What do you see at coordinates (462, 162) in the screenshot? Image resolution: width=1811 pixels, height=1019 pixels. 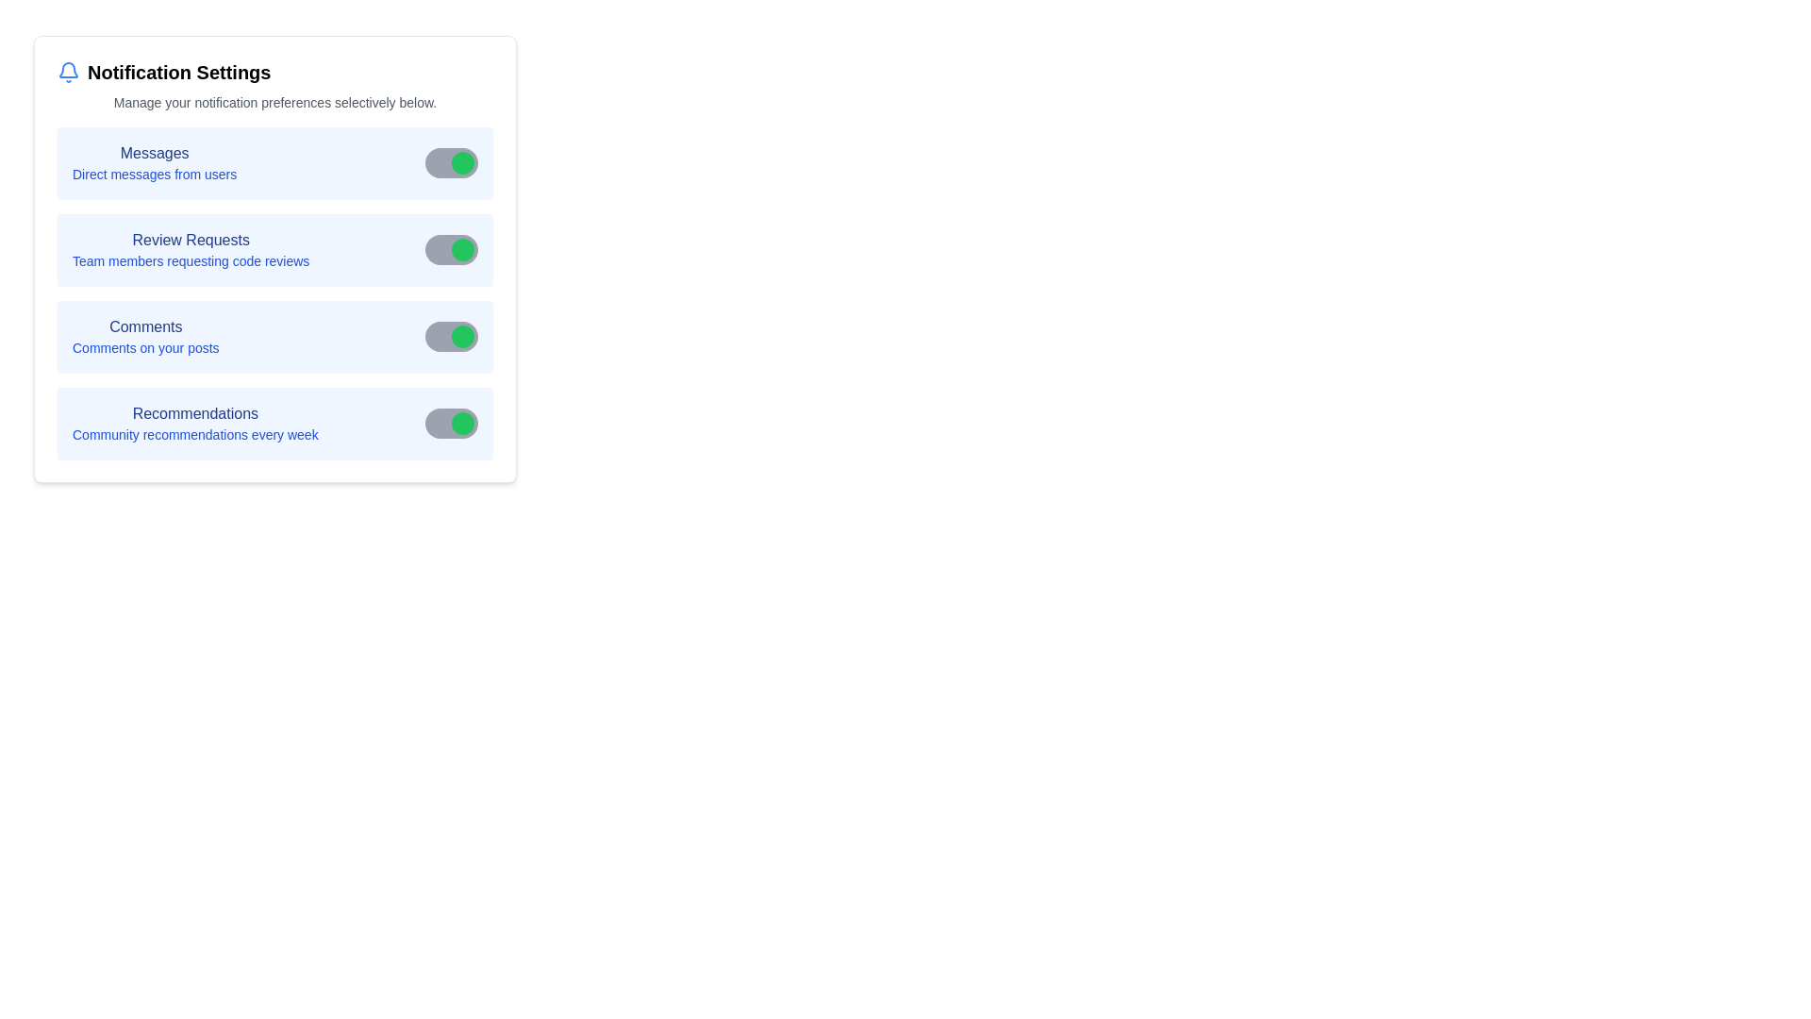 I see `the green circular knob of the toggle switch labeled 'Messages: Direct messages from users.' which is currently in the 'on' state` at bounding box center [462, 162].